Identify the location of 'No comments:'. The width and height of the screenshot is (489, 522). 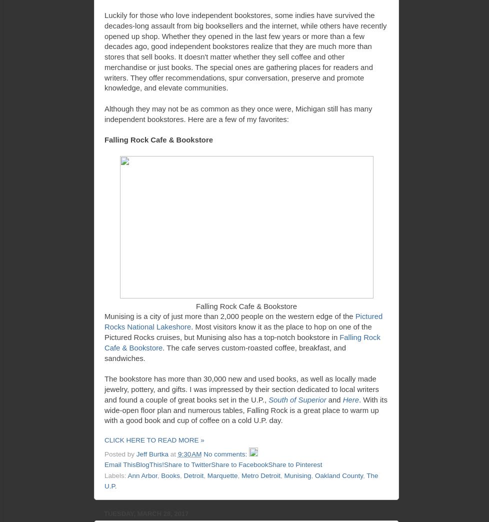
(225, 453).